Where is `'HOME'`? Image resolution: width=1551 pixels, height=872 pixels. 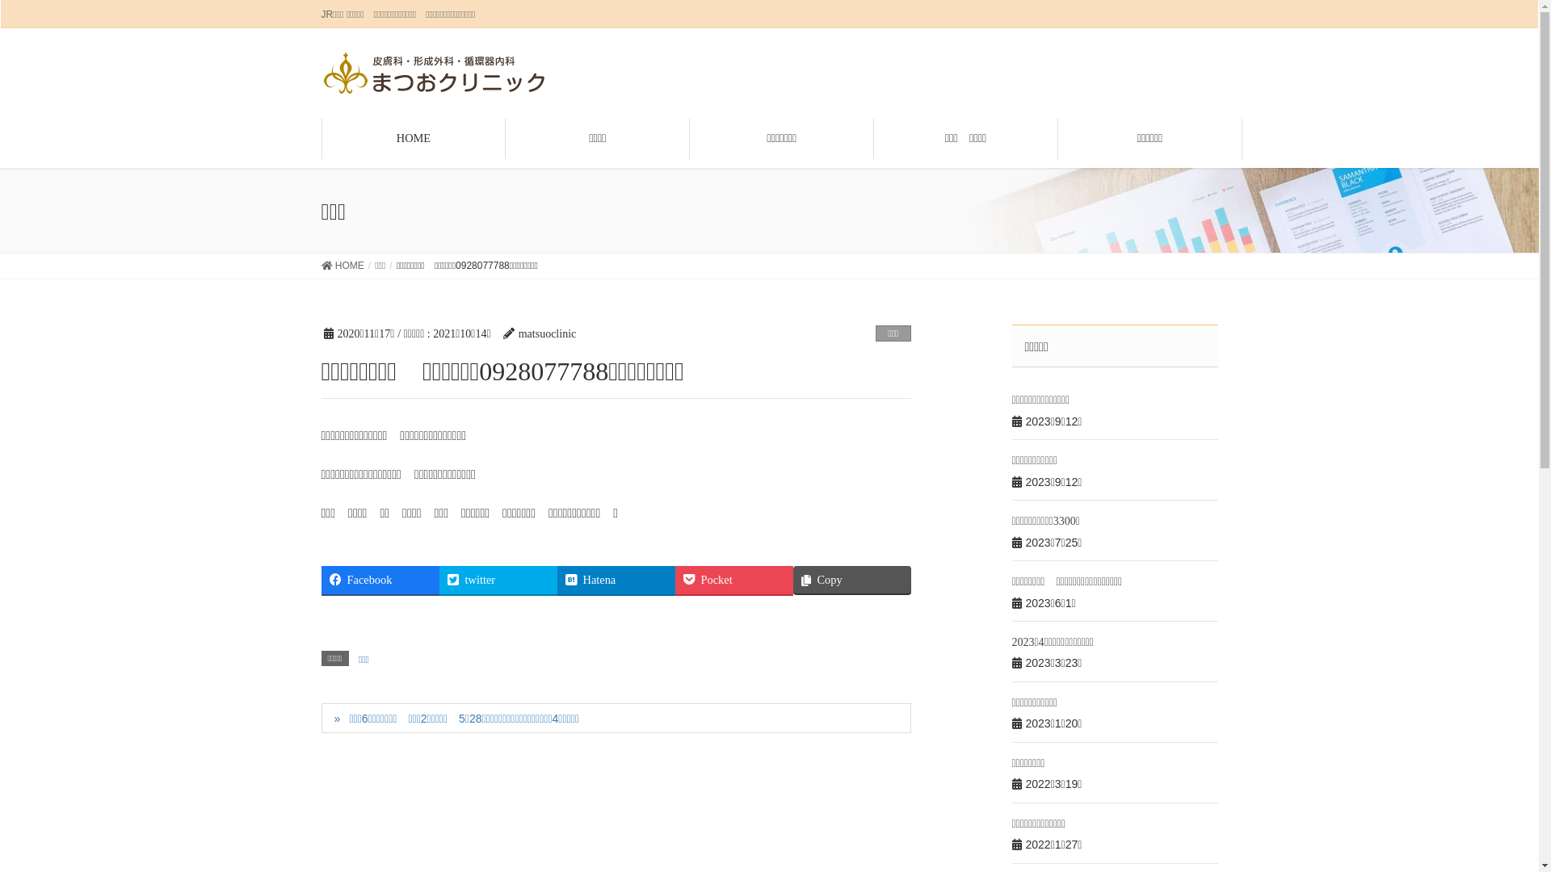
'HOME' is located at coordinates (342, 266).